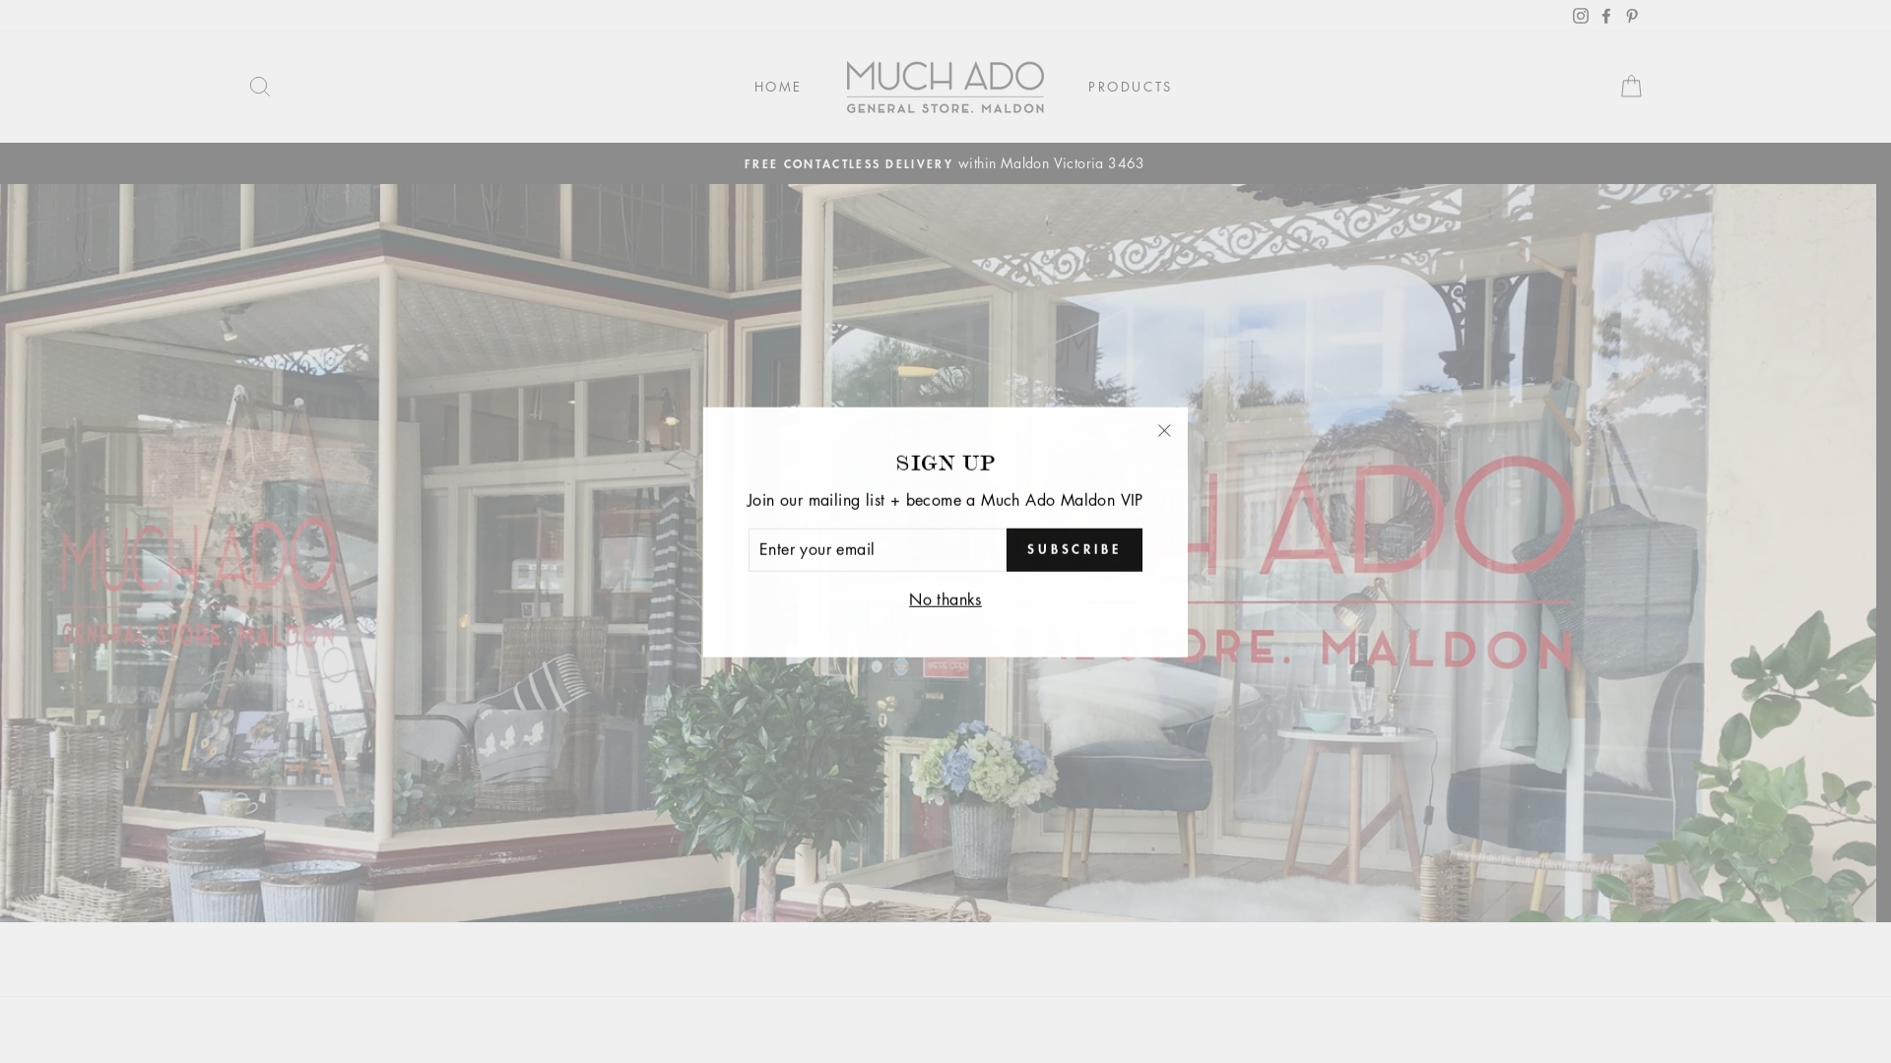  What do you see at coordinates (0, 0) in the screenshot?
I see `'Skip to content'` at bounding box center [0, 0].